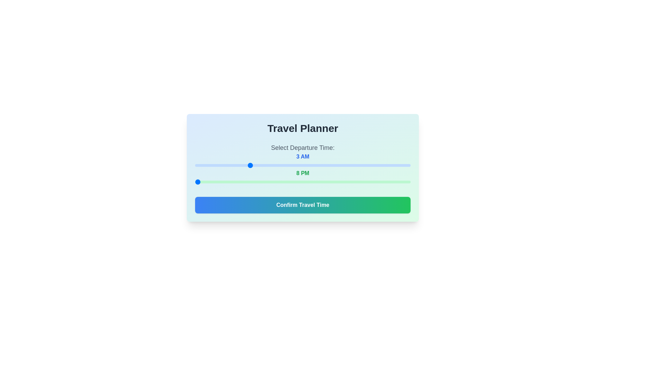  What do you see at coordinates (303, 147) in the screenshot?
I see `the text label that reads 'Select Departure Time:' which is styled with a larger font size and gray color, positioned below the 'Travel Planner' title and above the time selection interface` at bounding box center [303, 147].